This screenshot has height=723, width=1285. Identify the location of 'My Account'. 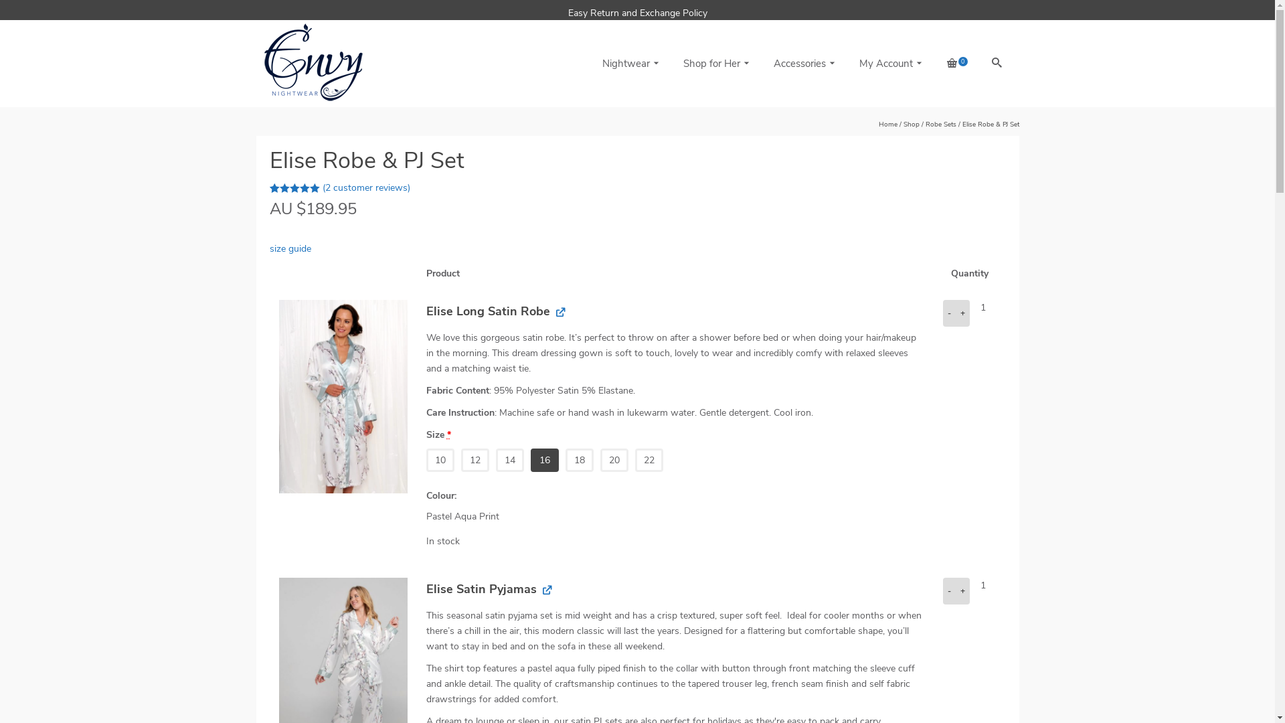
(889, 64).